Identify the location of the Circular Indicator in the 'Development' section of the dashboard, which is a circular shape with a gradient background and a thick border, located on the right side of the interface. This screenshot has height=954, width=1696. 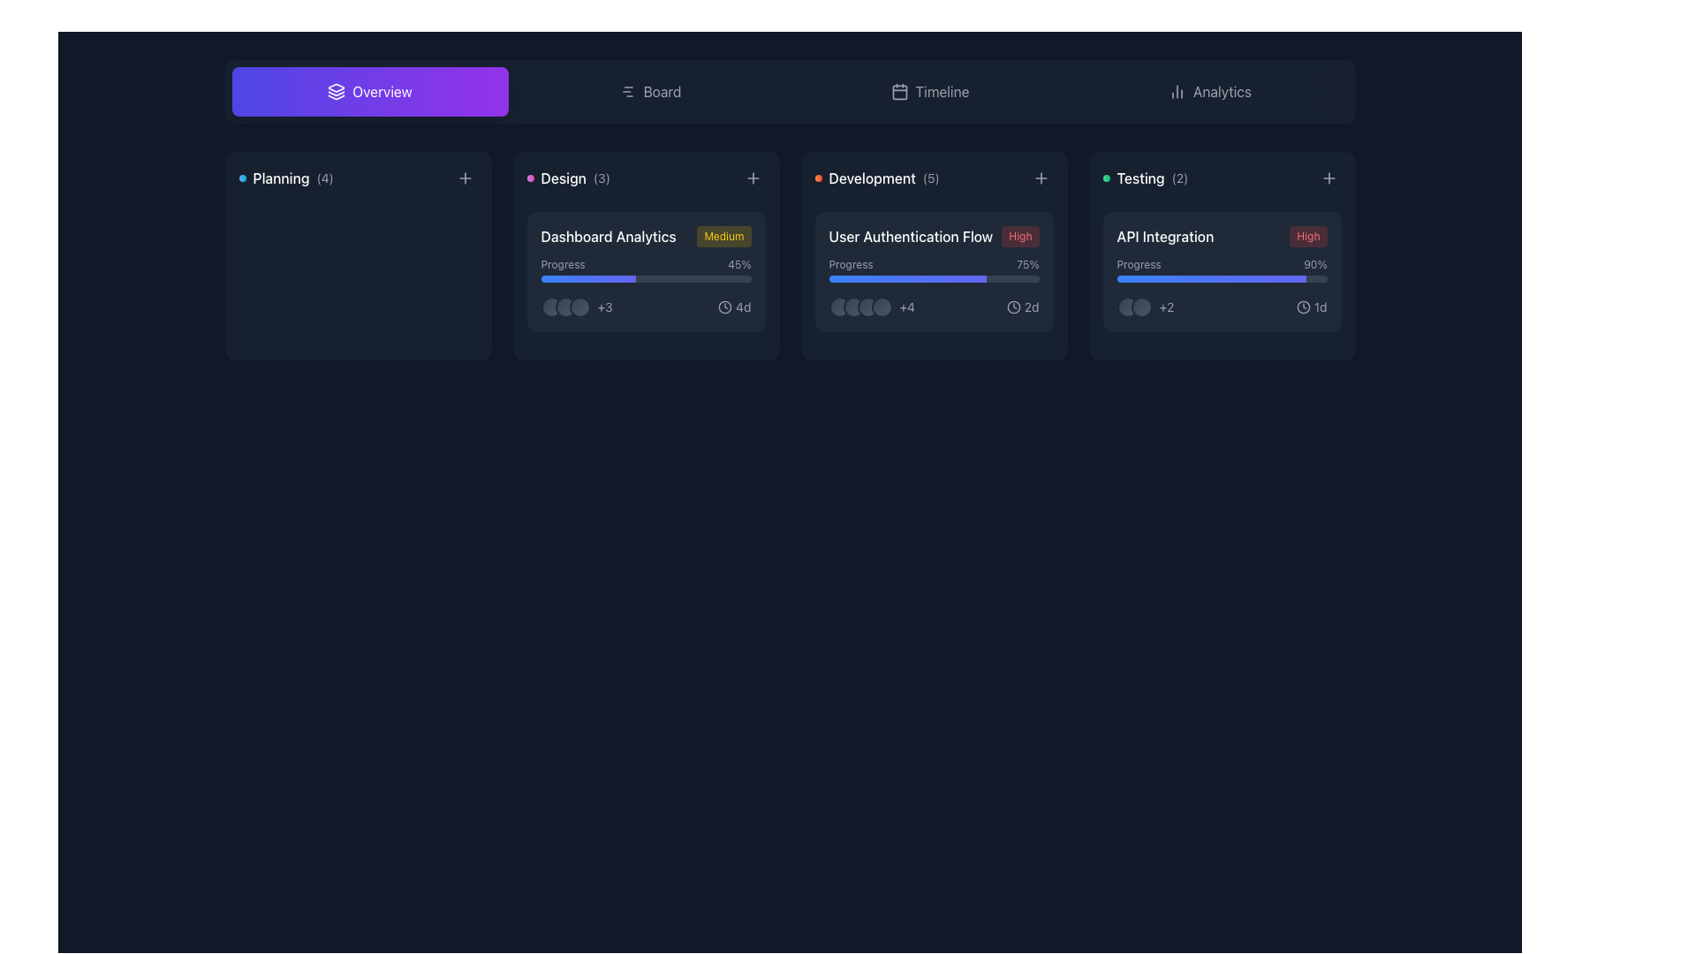
(838, 306).